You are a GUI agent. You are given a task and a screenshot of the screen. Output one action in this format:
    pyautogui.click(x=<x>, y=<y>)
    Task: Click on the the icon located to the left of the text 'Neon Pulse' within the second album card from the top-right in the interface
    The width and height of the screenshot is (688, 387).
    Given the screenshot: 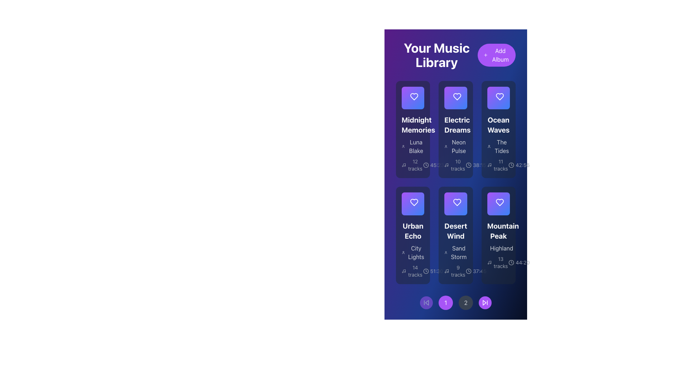 What is the action you would take?
    pyautogui.click(x=445, y=146)
    